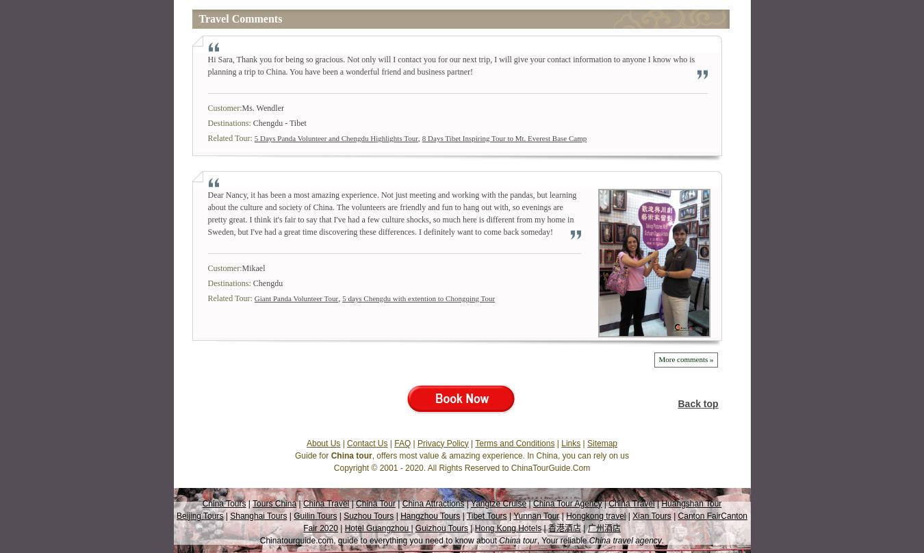 The height and width of the screenshot is (553, 924). Describe the element at coordinates (366, 442) in the screenshot. I see `'Contact Us'` at that location.